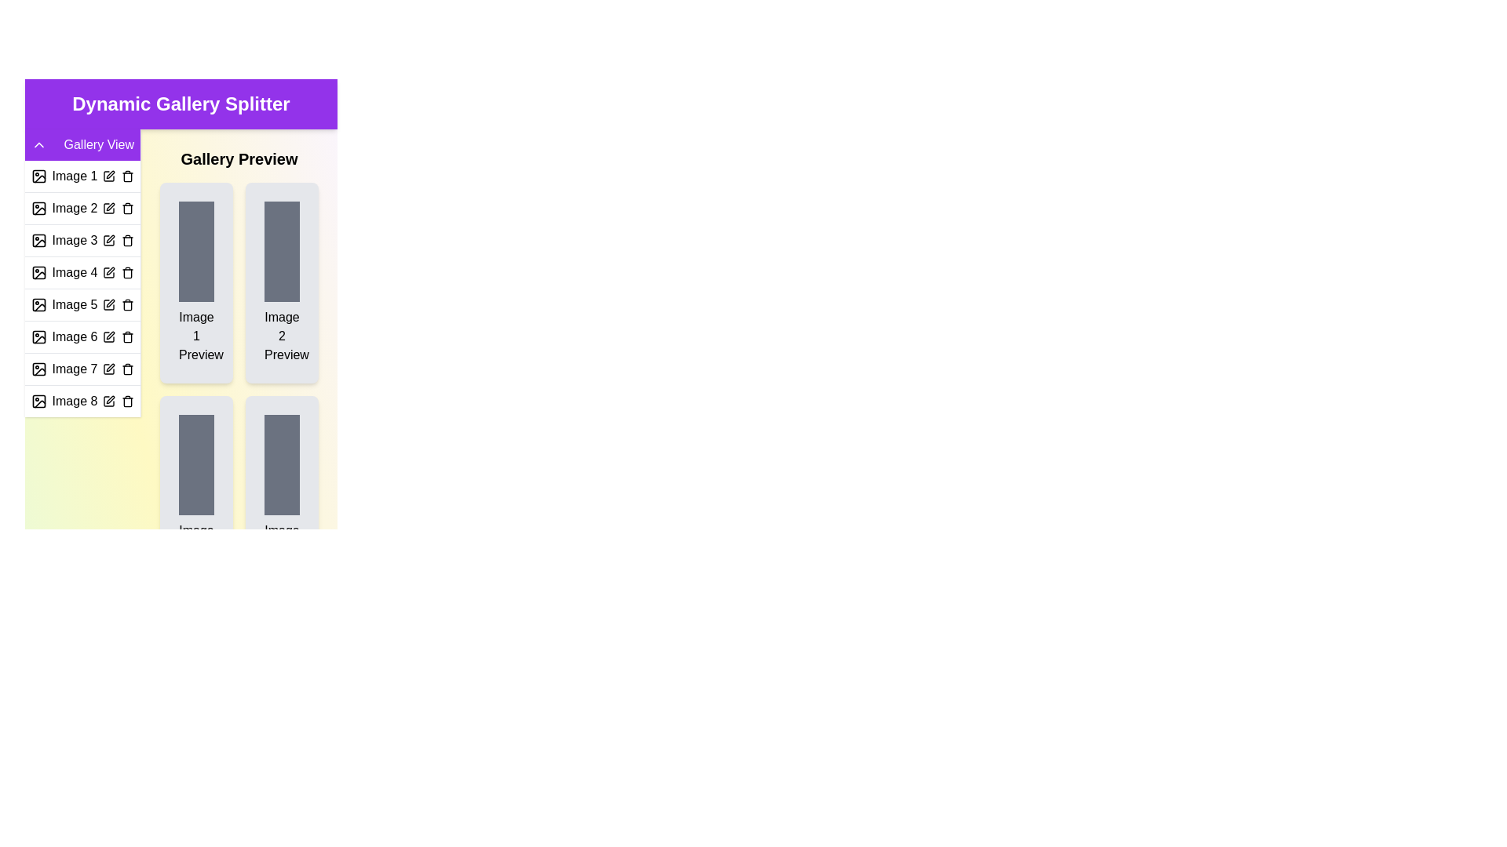  What do you see at coordinates (38, 176) in the screenshot?
I see `the icon representing 'Image 1' in the 'Gallery View' section` at bounding box center [38, 176].